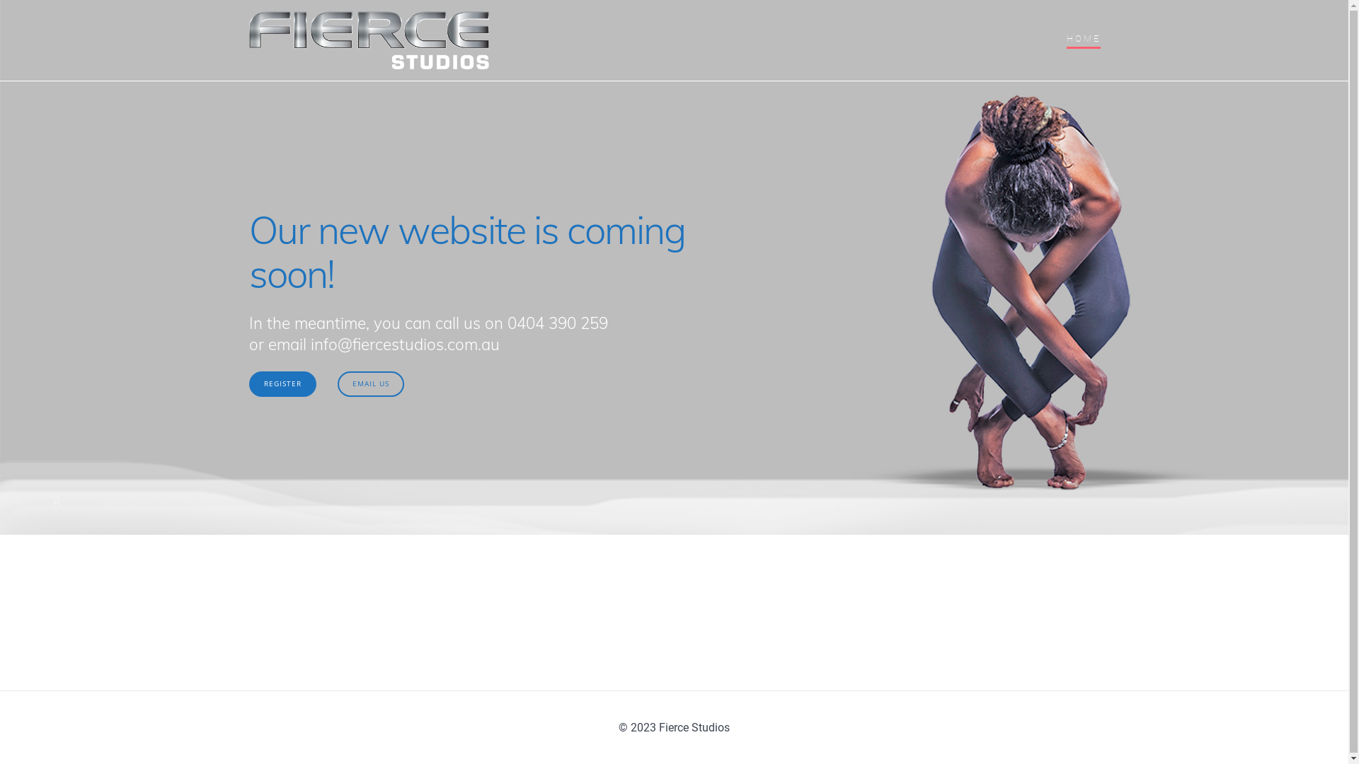 The image size is (1359, 764). I want to click on 'REGISTER', so click(282, 384).